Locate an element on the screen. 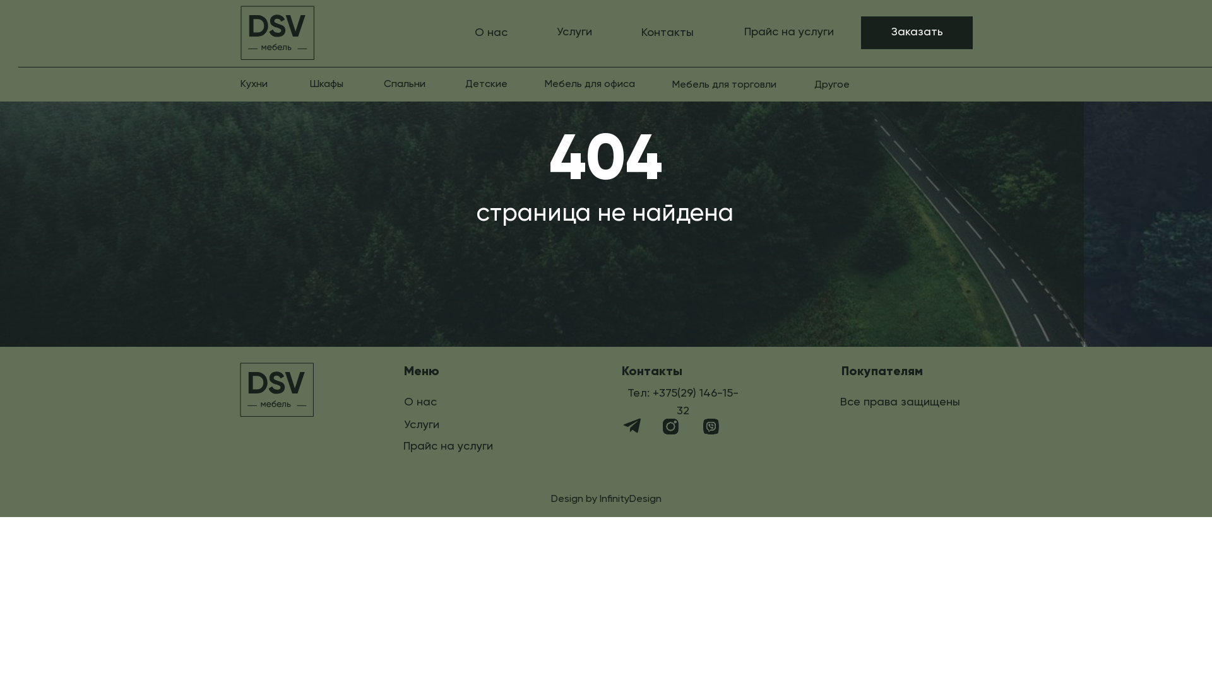  'Design by InfinityDesign' is located at coordinates (606, 498).